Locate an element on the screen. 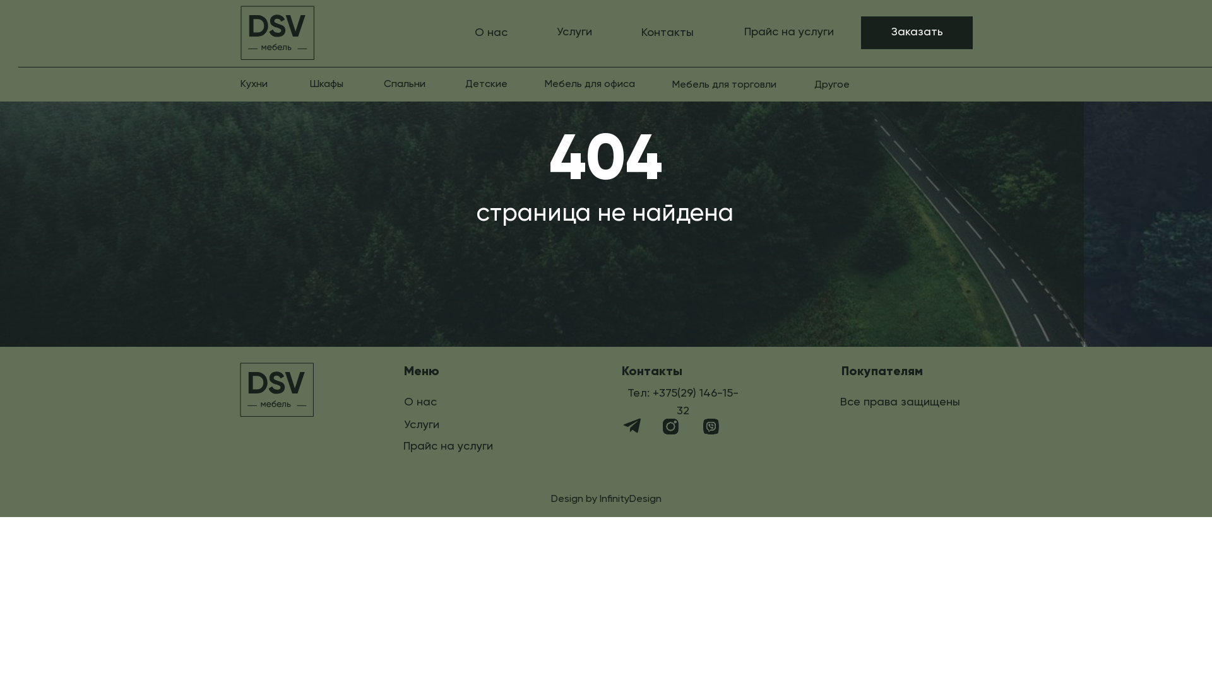  'Design by InfinityDesign' is located at coordinates (606, 498).